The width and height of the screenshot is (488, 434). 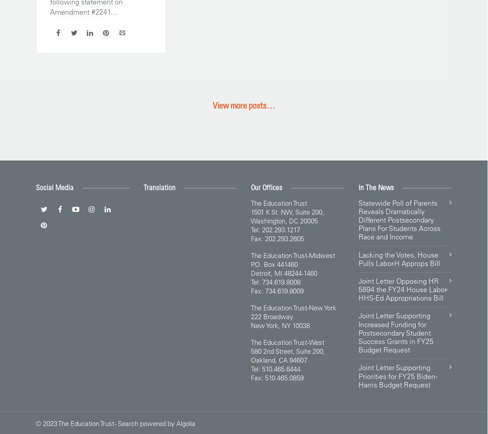 What do you see at coordinates (251, 272) in the screenshot?
I see `'Detroit, MI 48244-1460'` at bounding box center [251, 272].